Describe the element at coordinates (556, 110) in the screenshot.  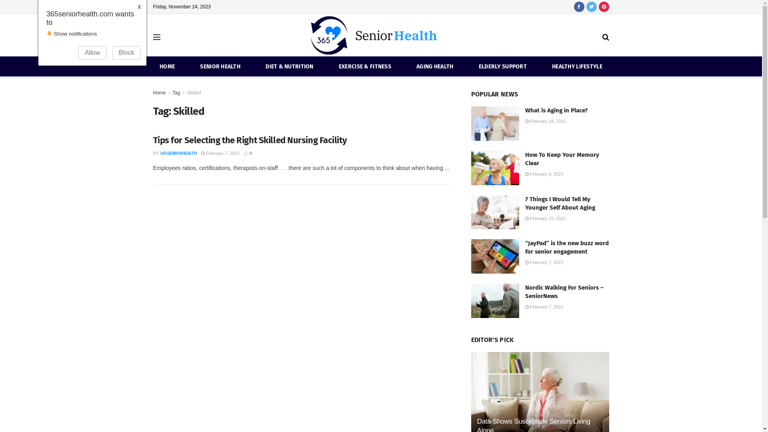
I see `'What is Aging in Place?'` at that location.